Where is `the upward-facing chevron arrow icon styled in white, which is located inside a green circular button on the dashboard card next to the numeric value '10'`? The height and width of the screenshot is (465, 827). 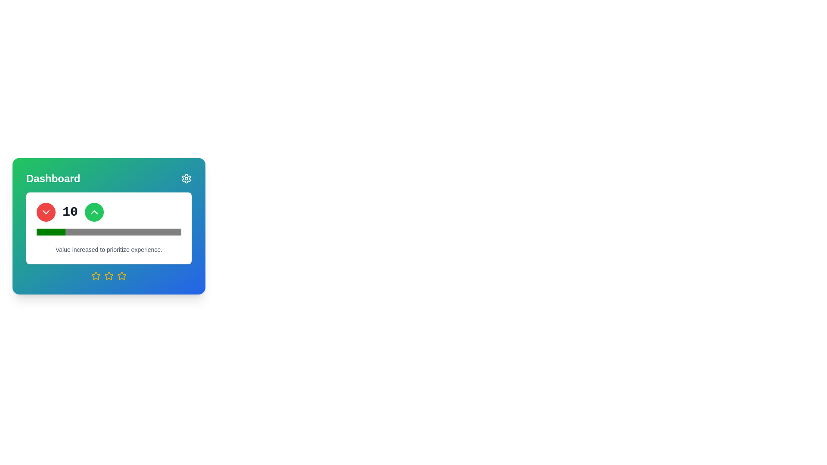 the upward-facing chevron arrow icon styled in white, which is located inside a green circular button on the dashboard card next to the numeric value '10' is located at coordinates (94, 212).